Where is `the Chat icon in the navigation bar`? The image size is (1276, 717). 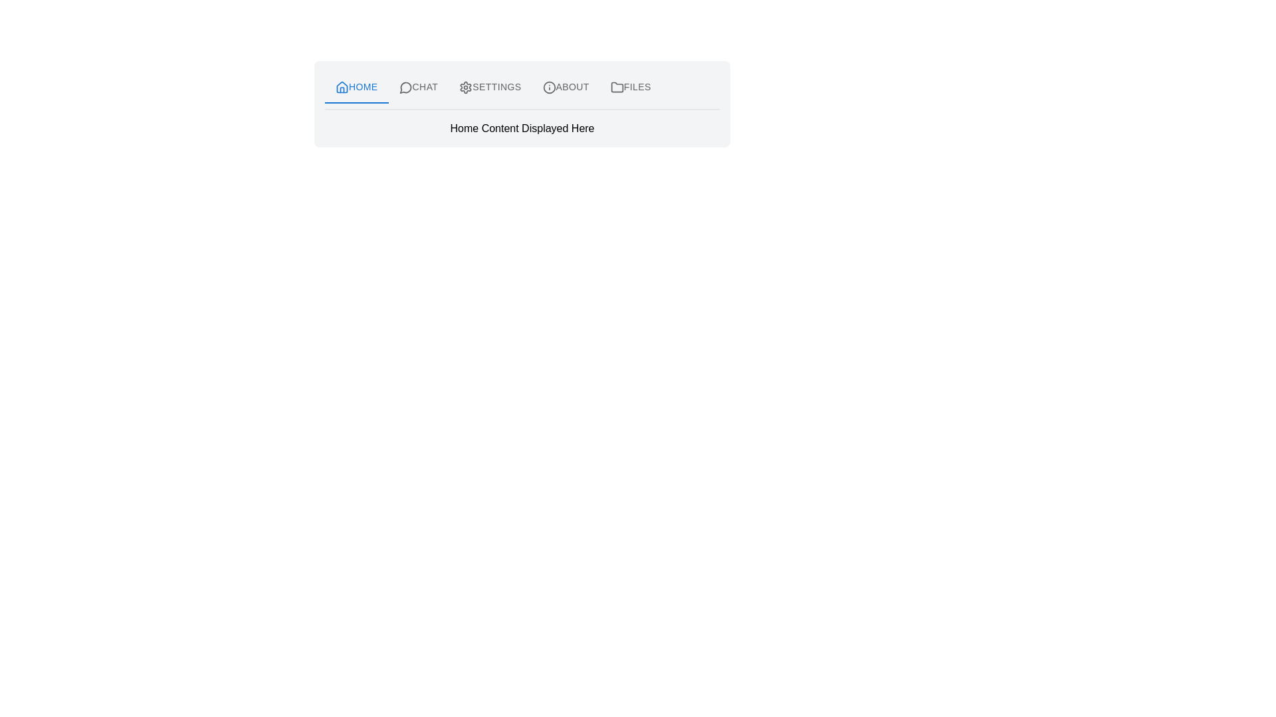
the Chat icon in the navigation bar is located at coordinates (405, 87).